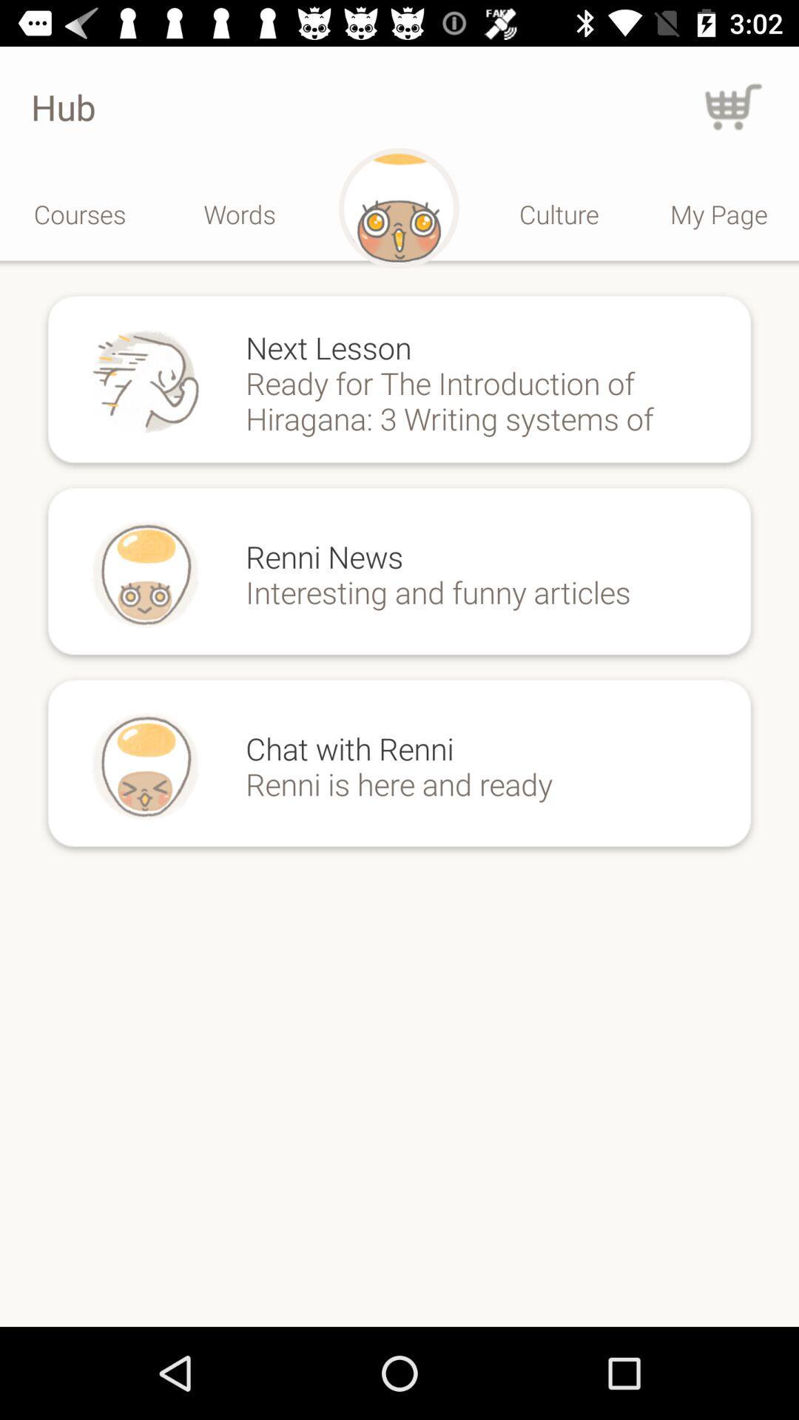 The image size is (799, 1420). Describe the element at coordinates (733, 106) in the screenshot. I see `the cart icon` at that location.